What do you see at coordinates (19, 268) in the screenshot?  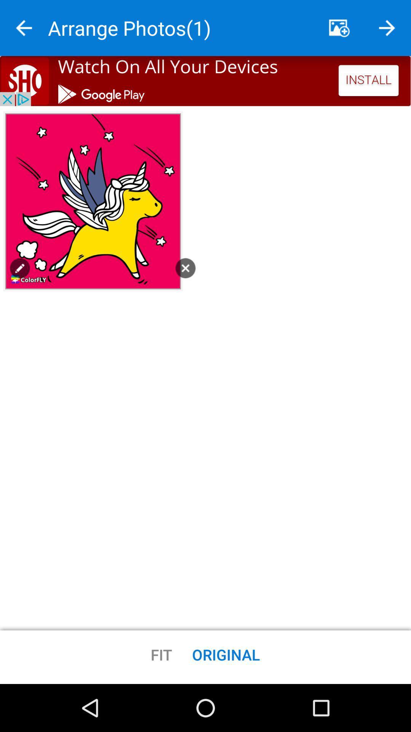 I see `pencil` at bounding box center [19, 268].